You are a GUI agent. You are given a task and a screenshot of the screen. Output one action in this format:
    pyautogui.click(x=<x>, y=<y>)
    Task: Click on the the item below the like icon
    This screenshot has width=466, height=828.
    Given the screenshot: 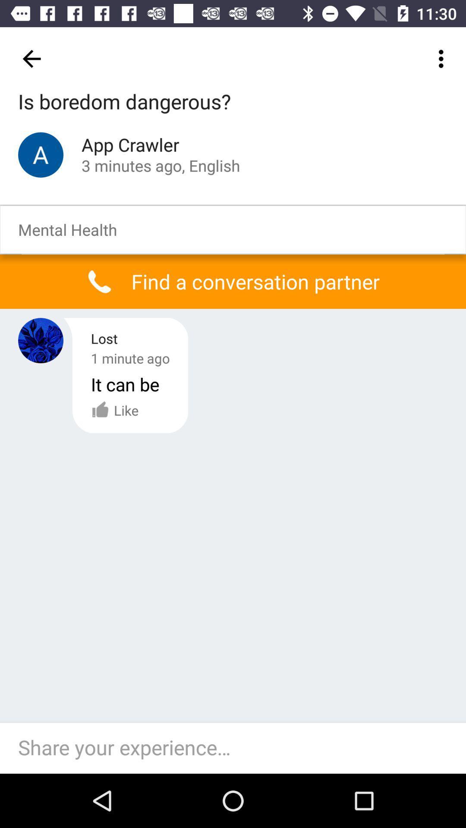 What is the action you would take?
    pyautogui.click(x=237, y=748)
    